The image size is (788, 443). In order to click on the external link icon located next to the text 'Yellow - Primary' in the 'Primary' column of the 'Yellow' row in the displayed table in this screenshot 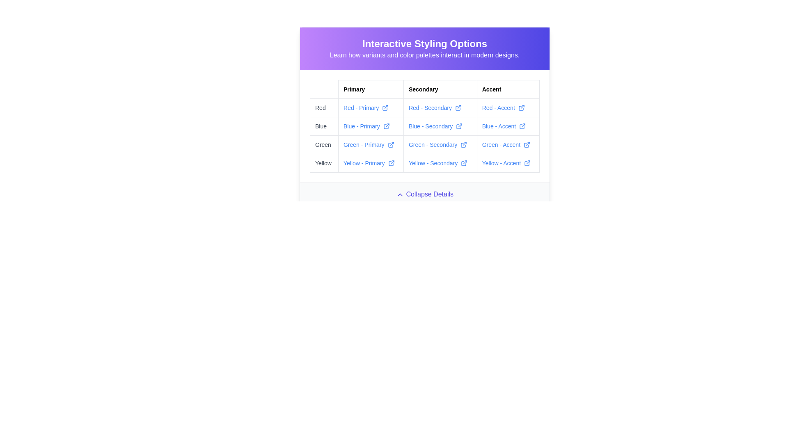, I will do `click(391, 163)`.